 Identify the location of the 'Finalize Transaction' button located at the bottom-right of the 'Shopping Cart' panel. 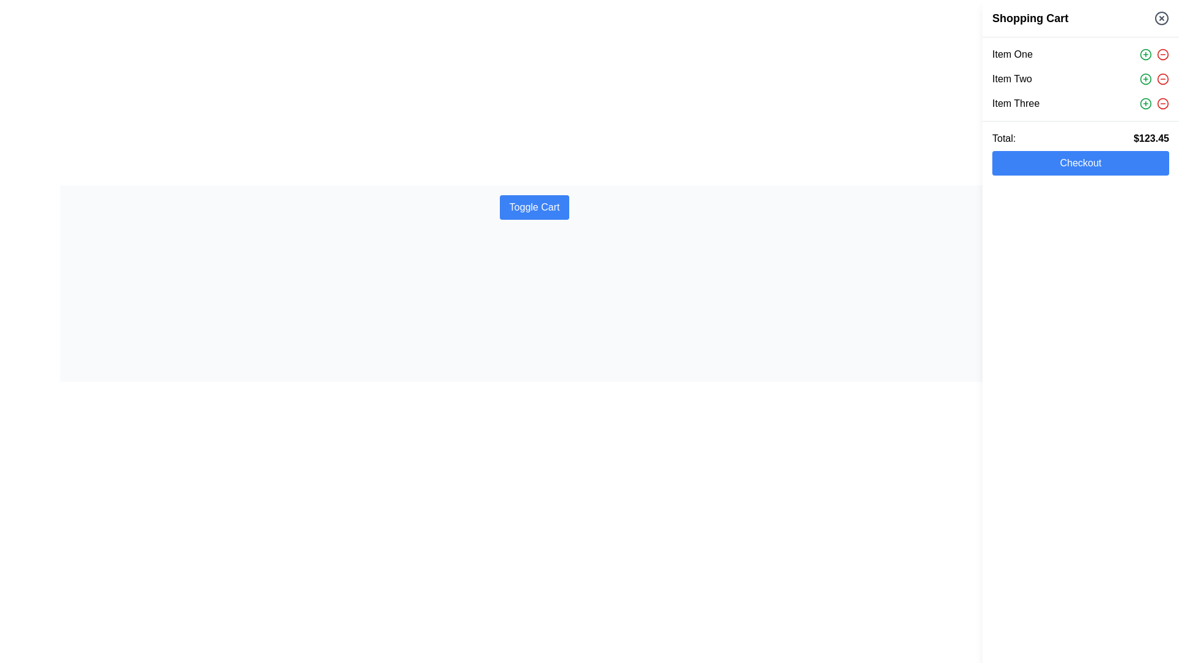
(1081, 163).